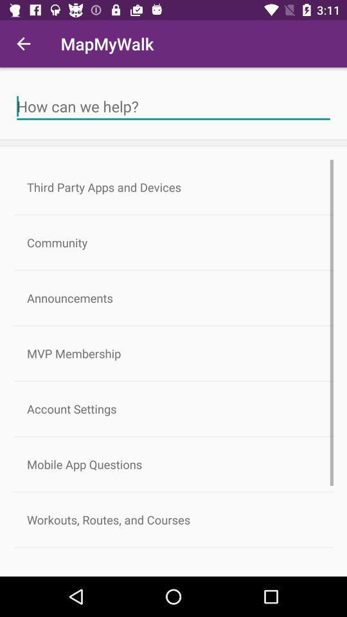 This screenshot has height=617, width=347. I want to click on item above mvp membership item, so click(173, 298).